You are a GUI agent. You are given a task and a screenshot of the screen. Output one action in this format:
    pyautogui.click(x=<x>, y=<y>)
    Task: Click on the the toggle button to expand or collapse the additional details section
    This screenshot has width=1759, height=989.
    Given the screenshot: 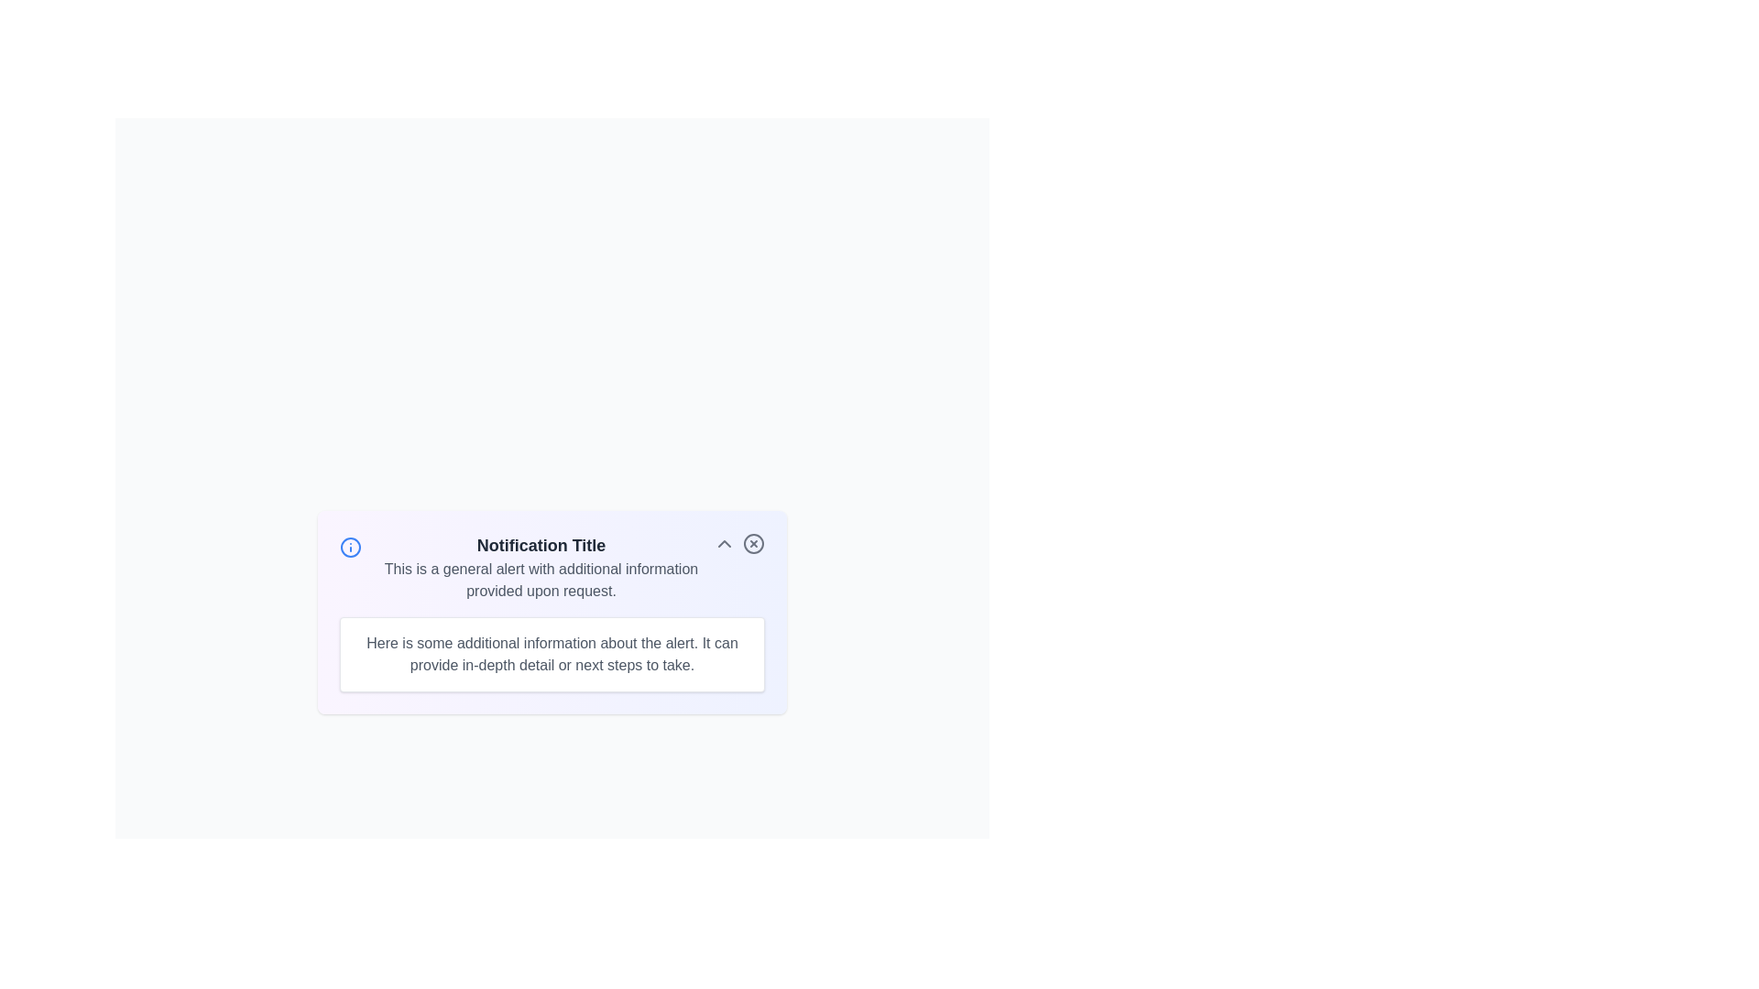 What is the action you would take?
    pyautogui.click(x=724, y=543)
    